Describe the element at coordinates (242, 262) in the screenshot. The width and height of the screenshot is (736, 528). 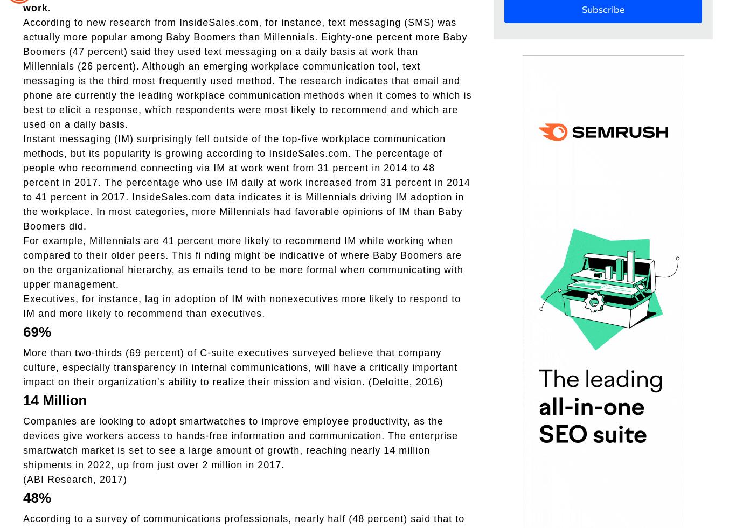
I see `'For example, Millennials are 41 percent more likely to recommend IM while working when compared to their older peers. This fi nding might be indicative of where Baby Boomers are on the organizational hierarchy, as emails tend to be more formal when communicating with upper management.'` at that location.